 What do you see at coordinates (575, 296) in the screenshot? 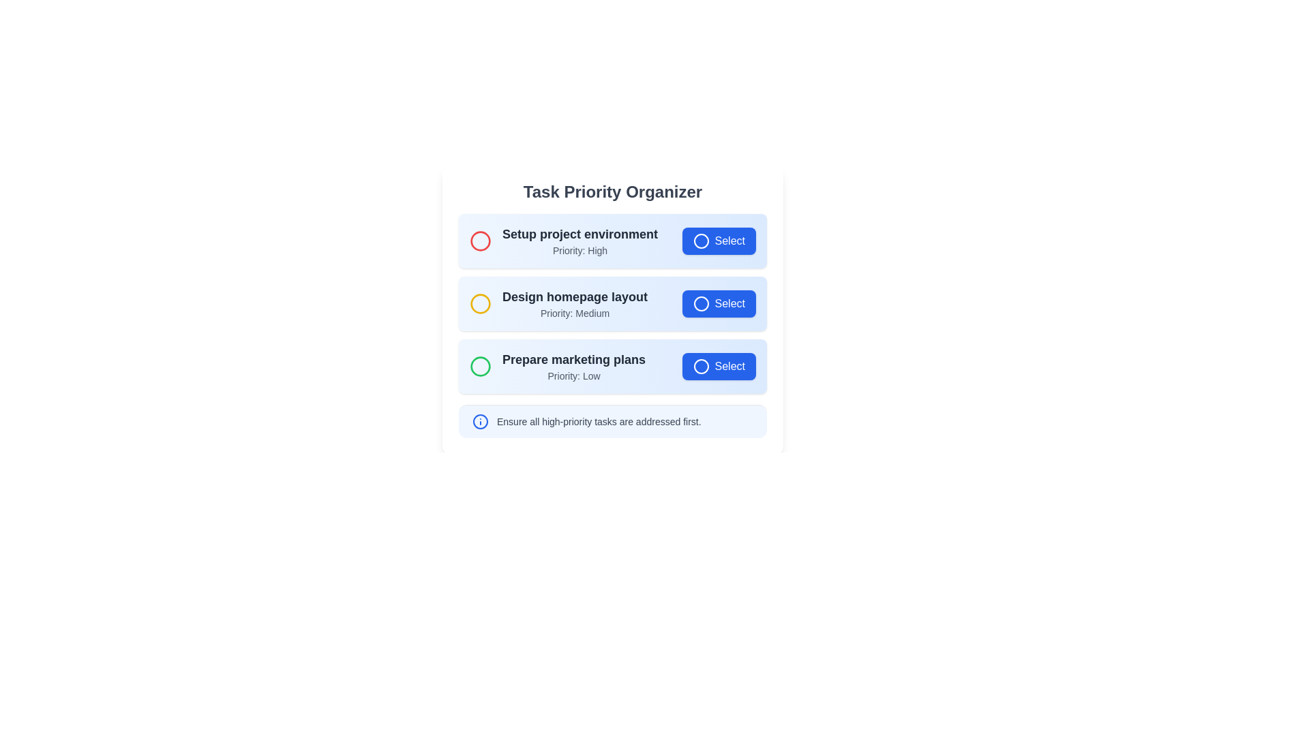
I see `the text label that describes the task 'Design homepage layout', which is the title of the second task entry in the 'Task Priority Organizer'` at bounding box center [575, 296].